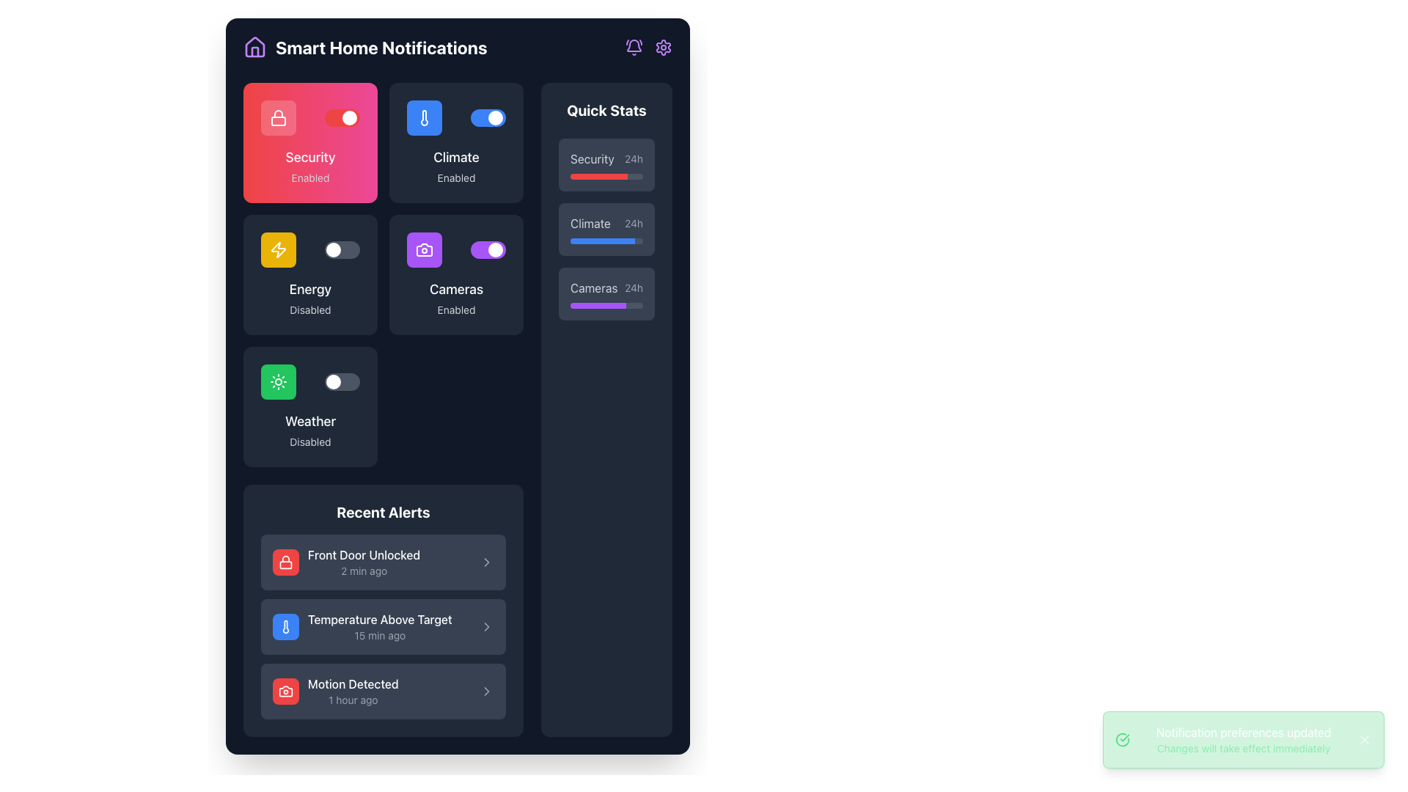 The height and width of the screenshot is (792, 1408). I want to click on the filled portion of the progress bar indicating the 'Cameras' stat in the 'Quick Stats' section, so click(598, 304).